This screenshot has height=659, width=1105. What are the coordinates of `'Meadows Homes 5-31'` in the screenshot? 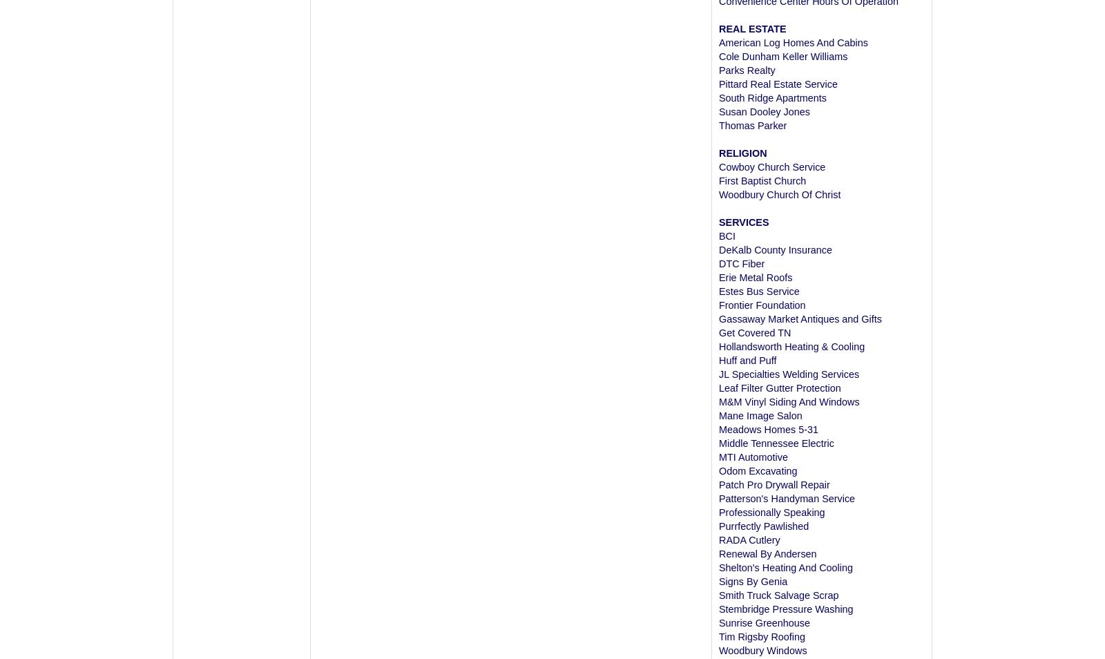 It's located at (768, 429).